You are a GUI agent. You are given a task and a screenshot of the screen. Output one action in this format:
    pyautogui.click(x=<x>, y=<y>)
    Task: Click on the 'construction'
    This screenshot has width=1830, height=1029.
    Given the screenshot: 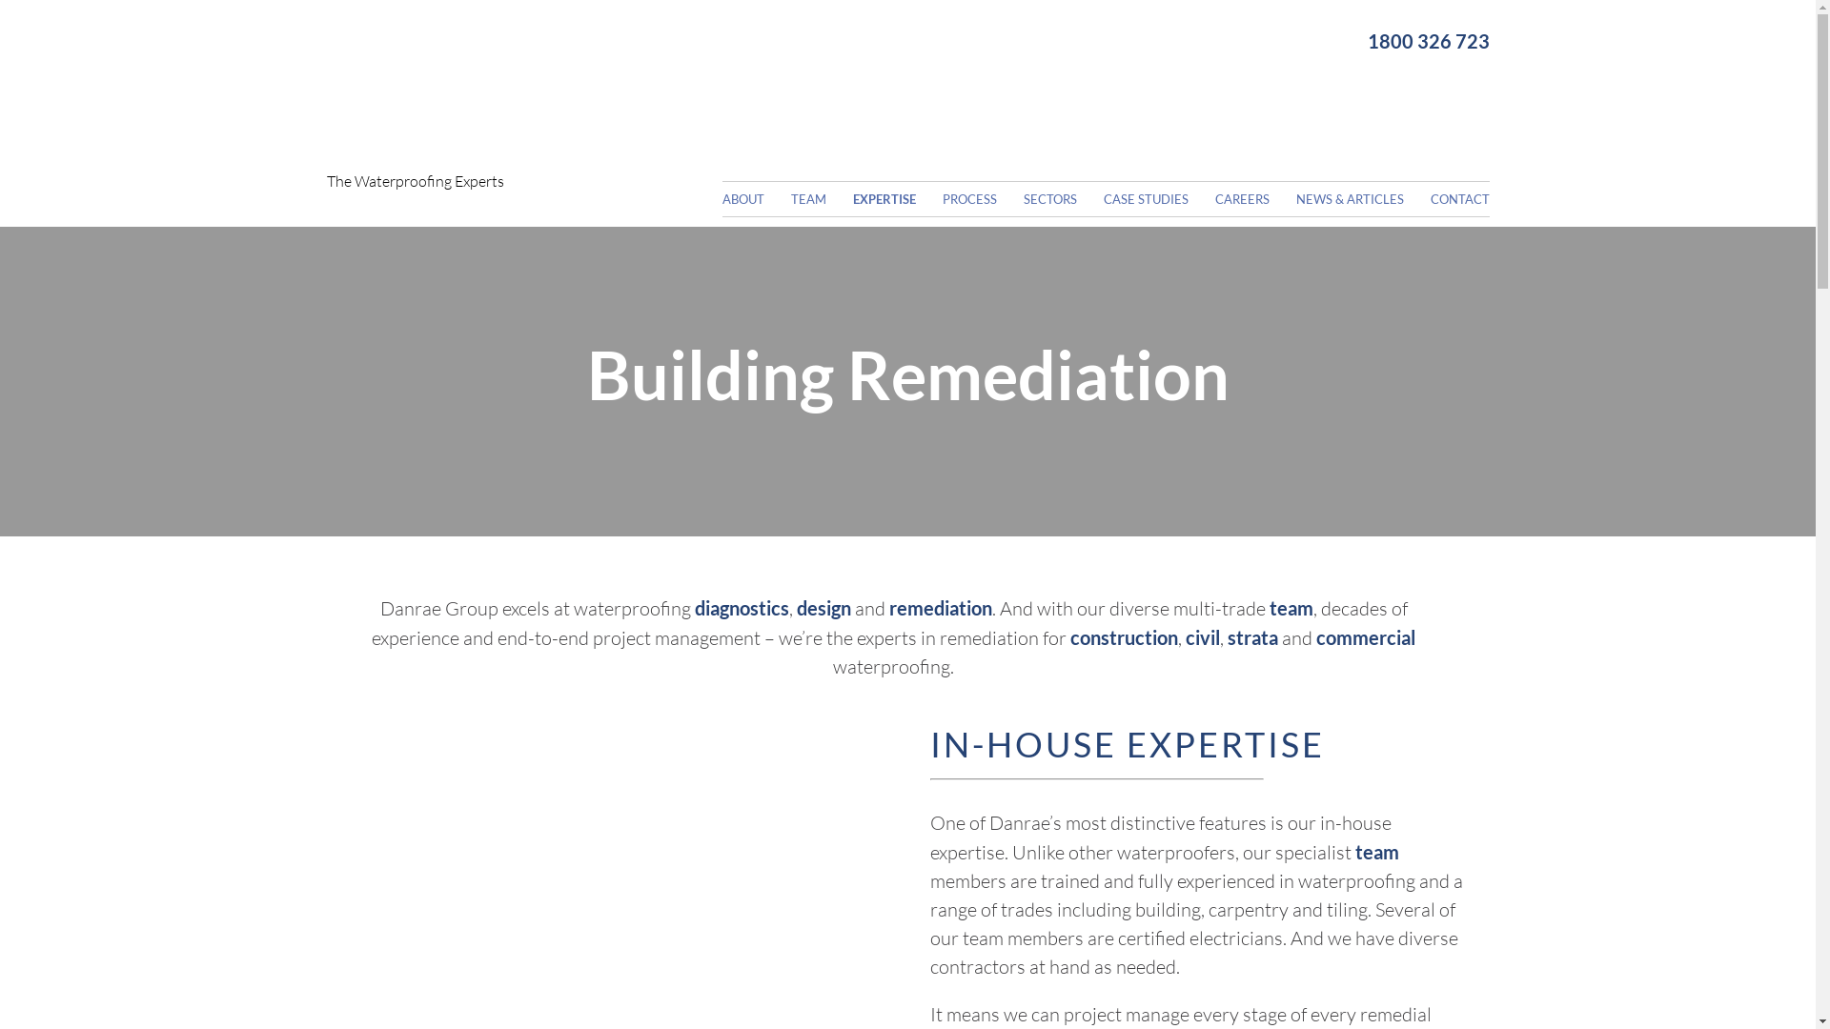 What is the action you would take?
    pyautogui.click(x=1124, y=636)
    